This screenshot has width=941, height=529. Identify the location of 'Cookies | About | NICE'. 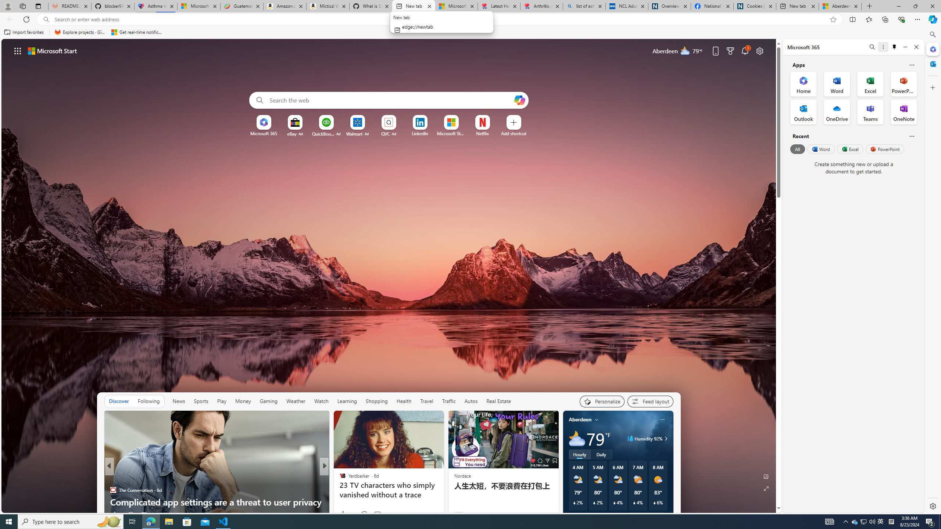
(755, 6).